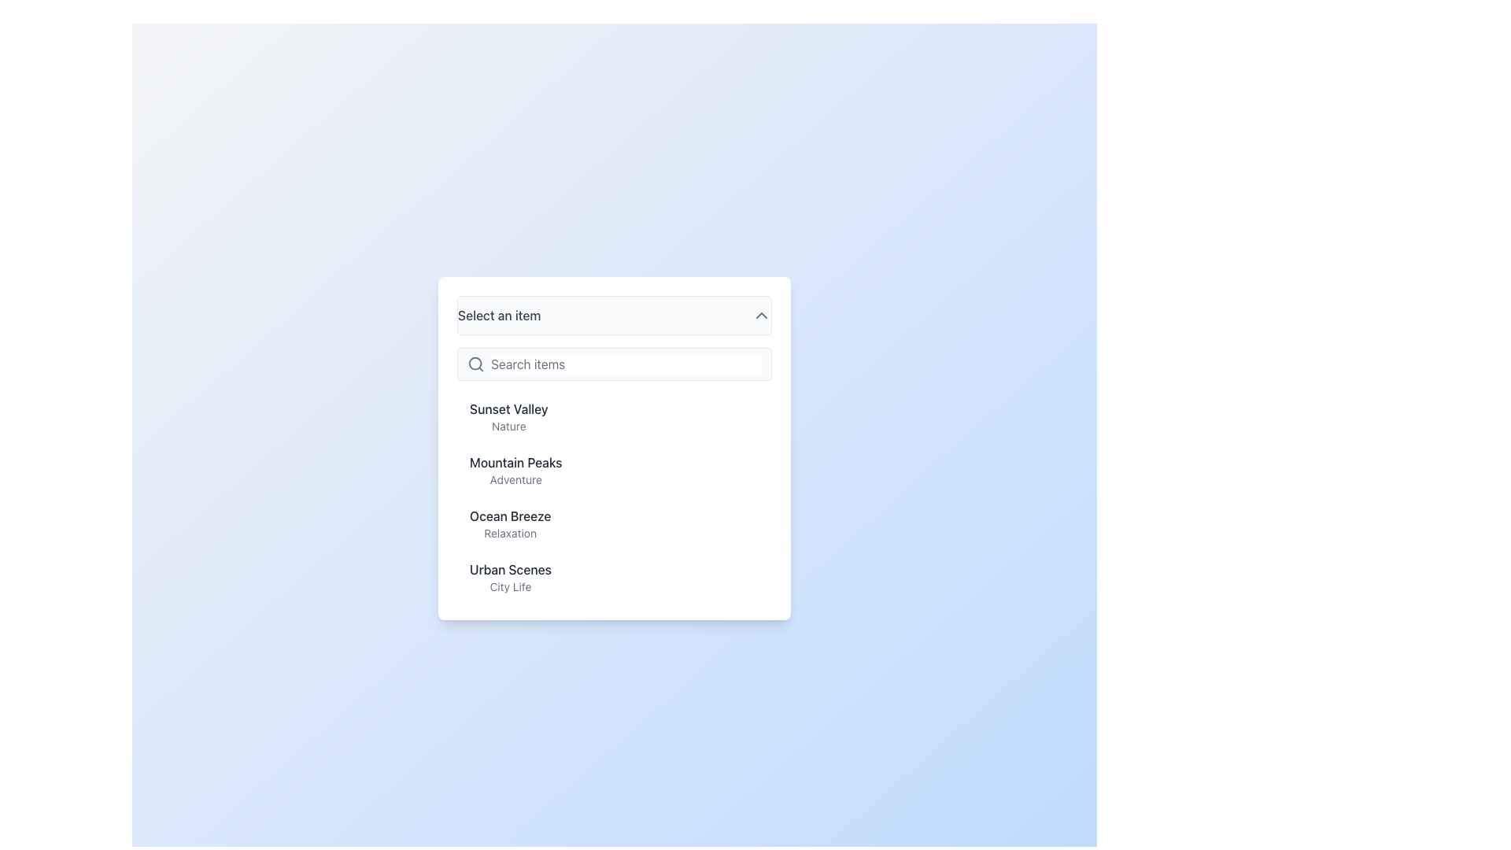 The width and height of the screenshot is (1511, 850). Describe the element at coordinates (515, 479) in the screenshot. I see `the descriptive text label located below the 'Mountain Peaks' title in the vertically stacked text group` at that location.